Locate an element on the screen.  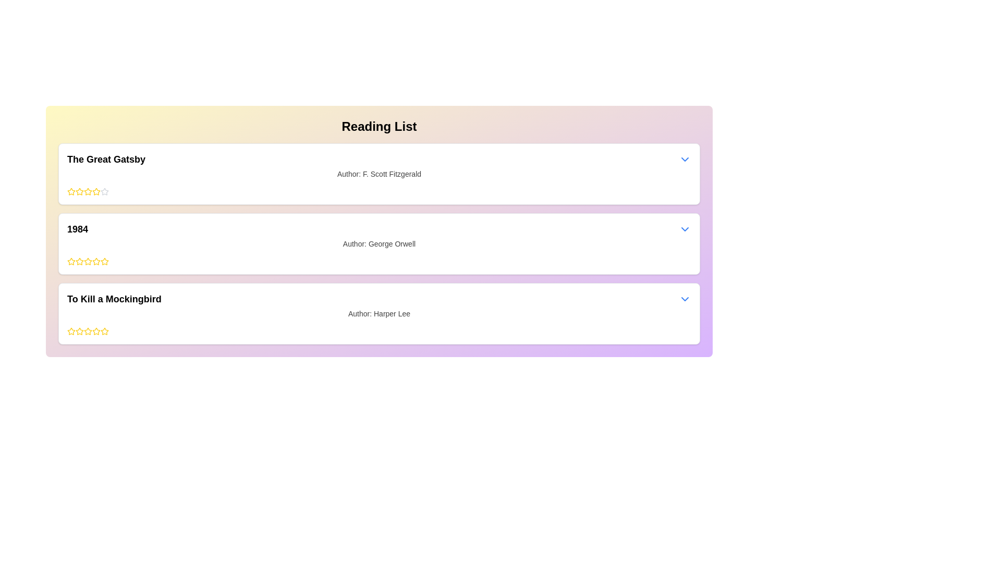
text content of the label displaying 'The Great Gatsby', which is styled prominently in bold and larger font, located at the top-left corner of the book details section is located at coordinates (106, 159).